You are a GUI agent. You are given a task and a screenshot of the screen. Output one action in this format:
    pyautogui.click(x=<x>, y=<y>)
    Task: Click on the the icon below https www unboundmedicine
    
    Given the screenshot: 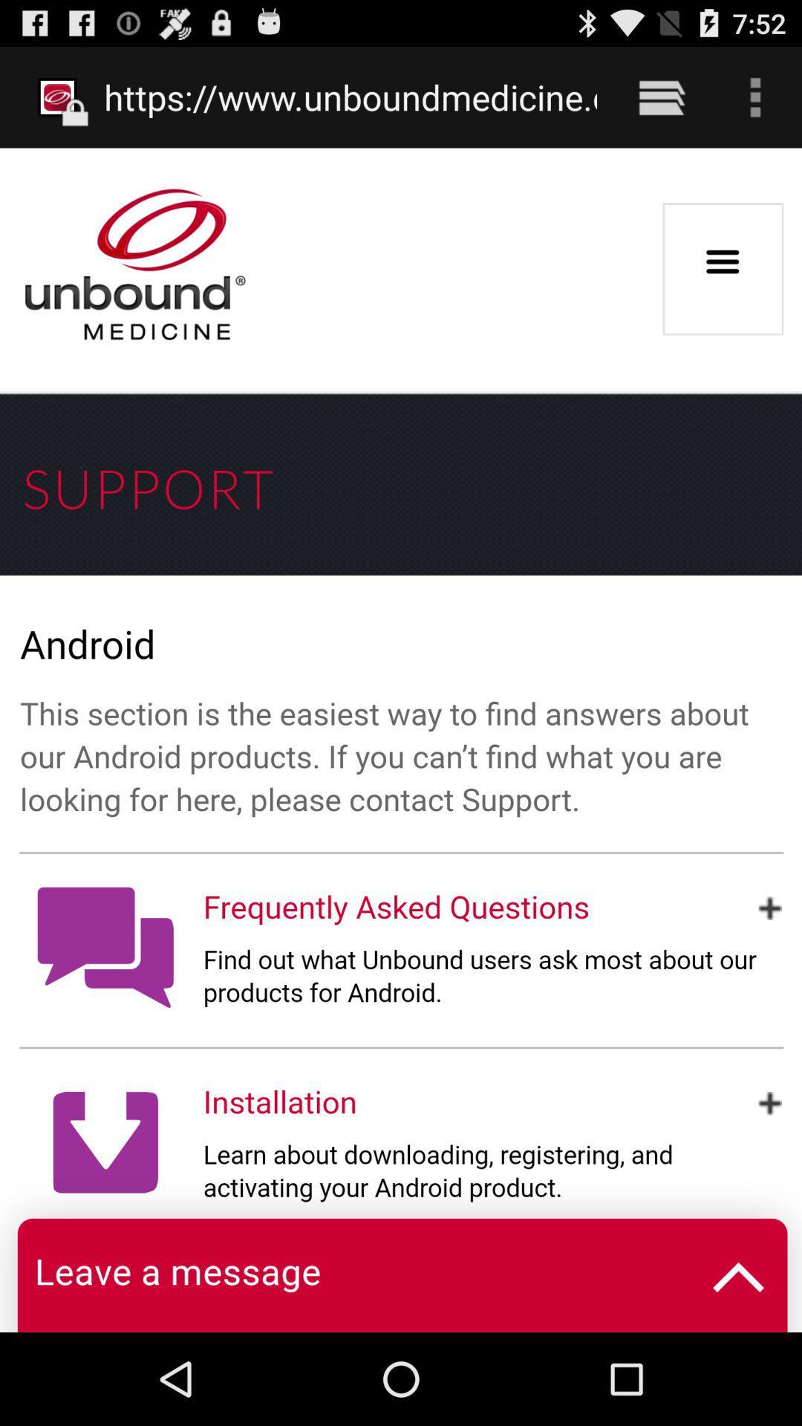 What is the action you would take?
    pyautogui.click(x=401, y=740)
    